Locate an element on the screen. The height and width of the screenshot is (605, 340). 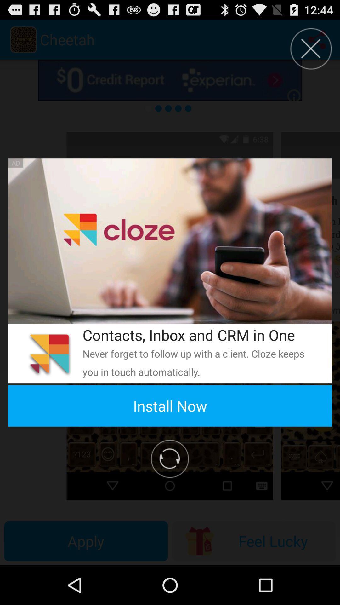
app to the left of the contacts inbox and item is located at coordinates (49, 354).